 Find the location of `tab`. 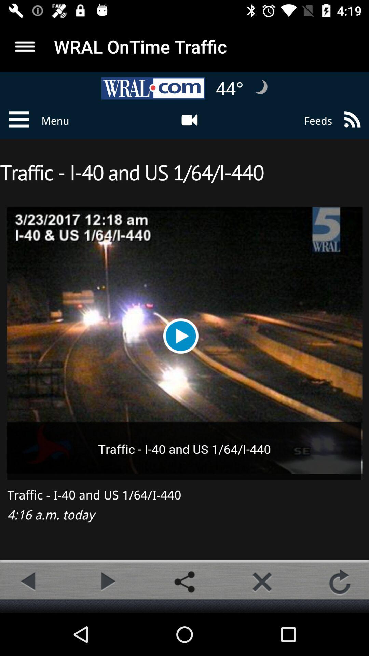

tab is located at coordinates (262, 582).